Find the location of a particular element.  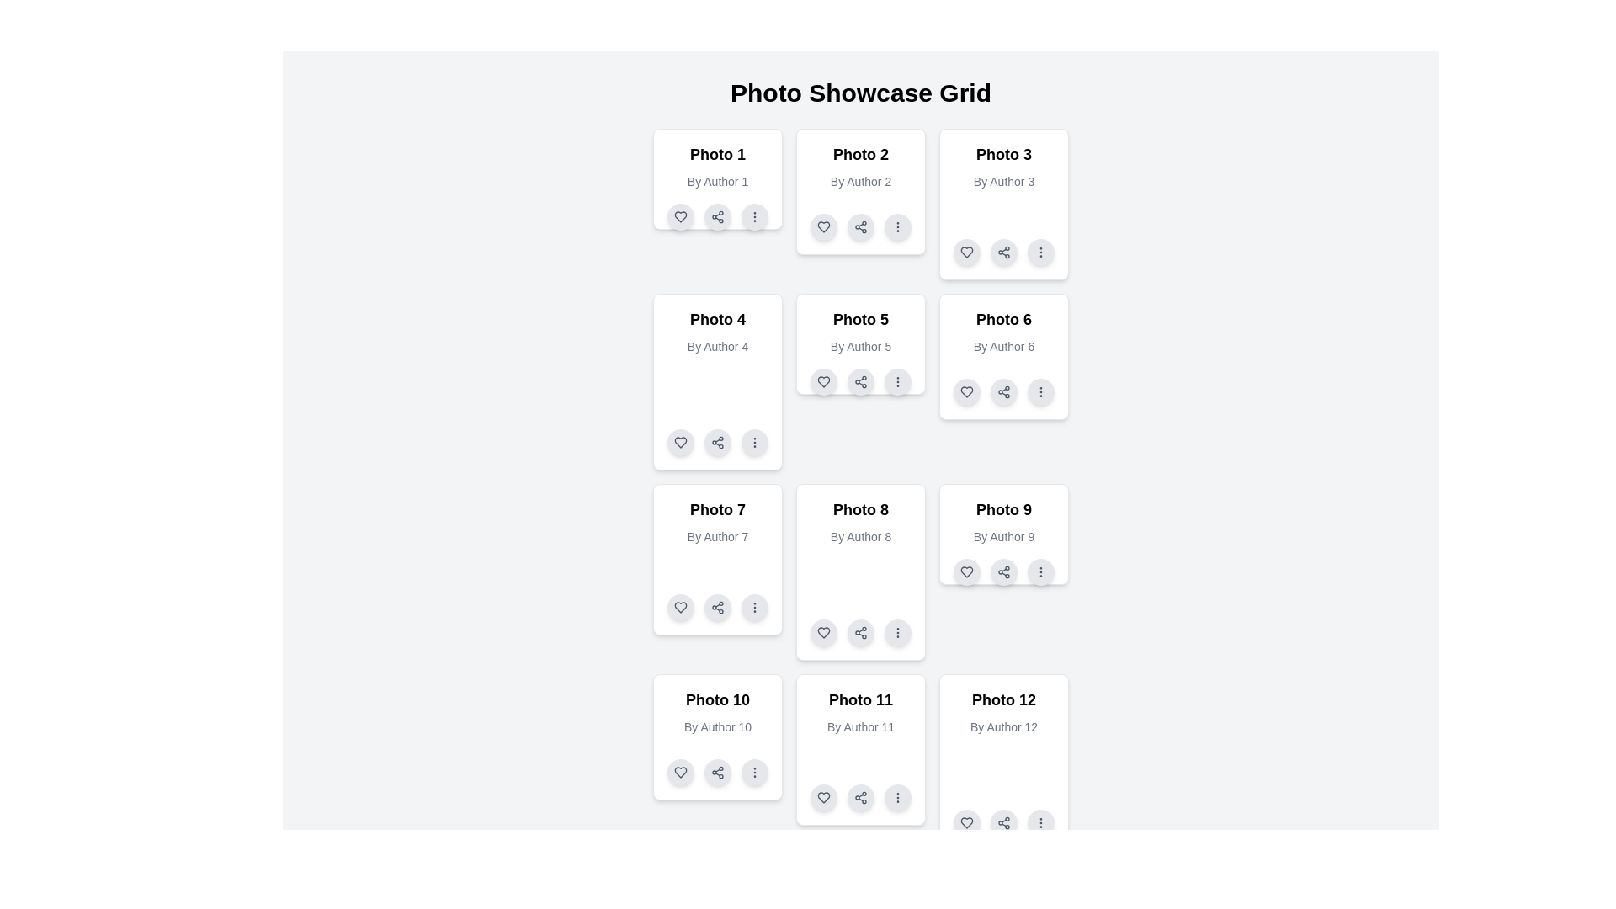

the circular button with a light gray background and a heart icon is located at coordinates (966, 822).